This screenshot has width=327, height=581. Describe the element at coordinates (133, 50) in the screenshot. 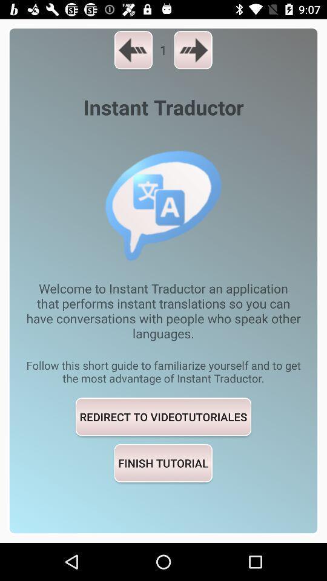

I see `the icon to the left of the  1` at that location.